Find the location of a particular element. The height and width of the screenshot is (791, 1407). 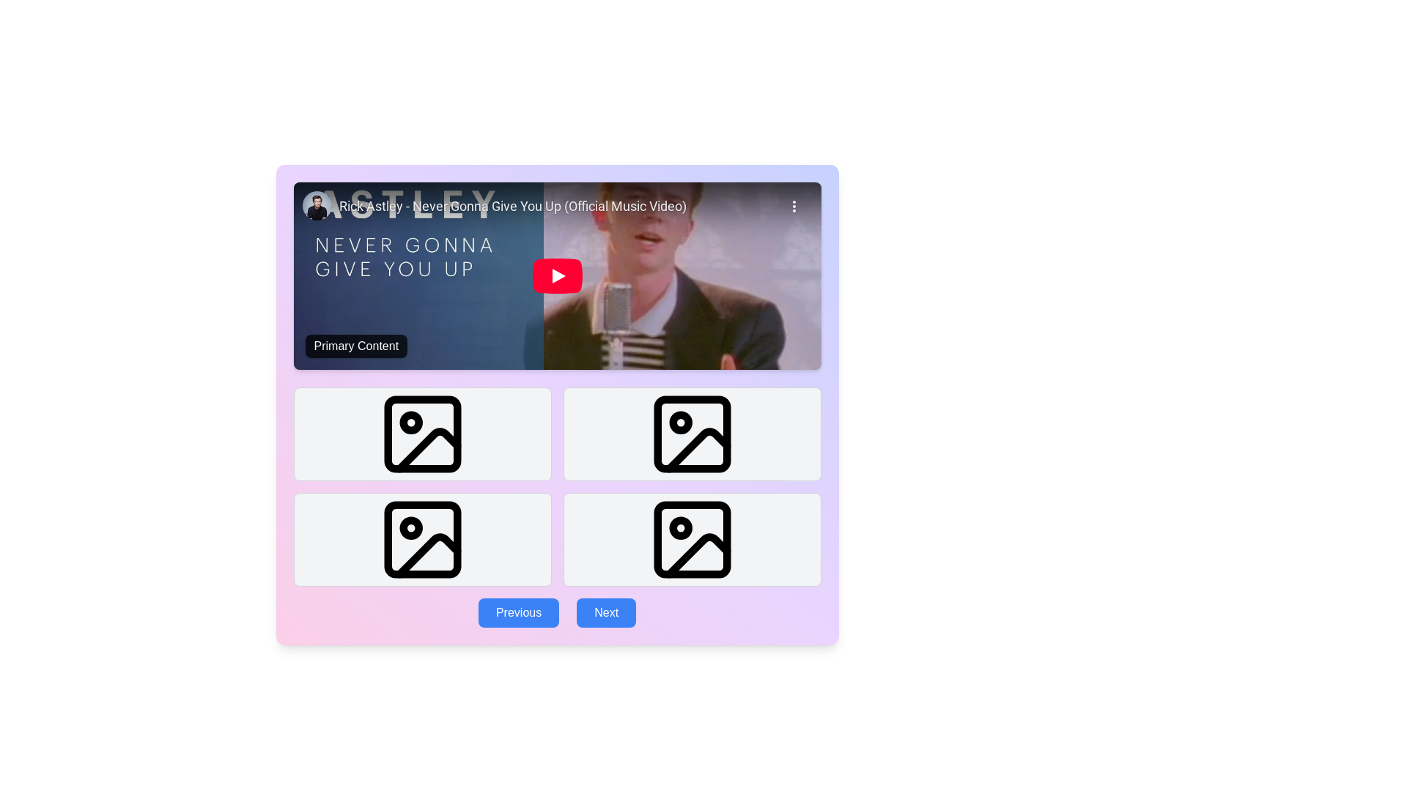

the image placeholder icon located in the top-left cell of the 2x2 grid is located at coordinates (421, 434).